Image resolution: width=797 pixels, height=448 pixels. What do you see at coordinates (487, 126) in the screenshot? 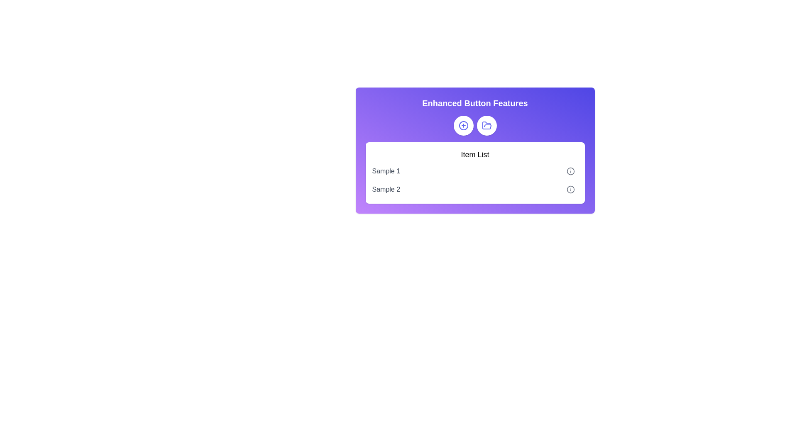
I see `the indigo open folder icon button located at the center of the white circular button on a purple-gradient background` at bounding box center [487, 126].